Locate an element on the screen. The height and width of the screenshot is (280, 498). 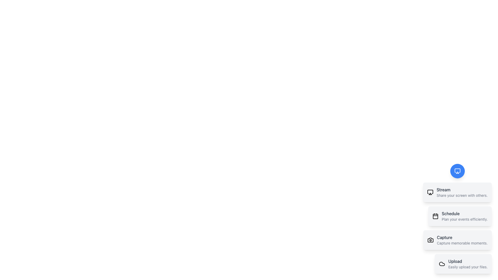
the descriptive subtitle element located below the 'Capture' feature, which provides additional context for its functionality is located at coordinates (462, 243).